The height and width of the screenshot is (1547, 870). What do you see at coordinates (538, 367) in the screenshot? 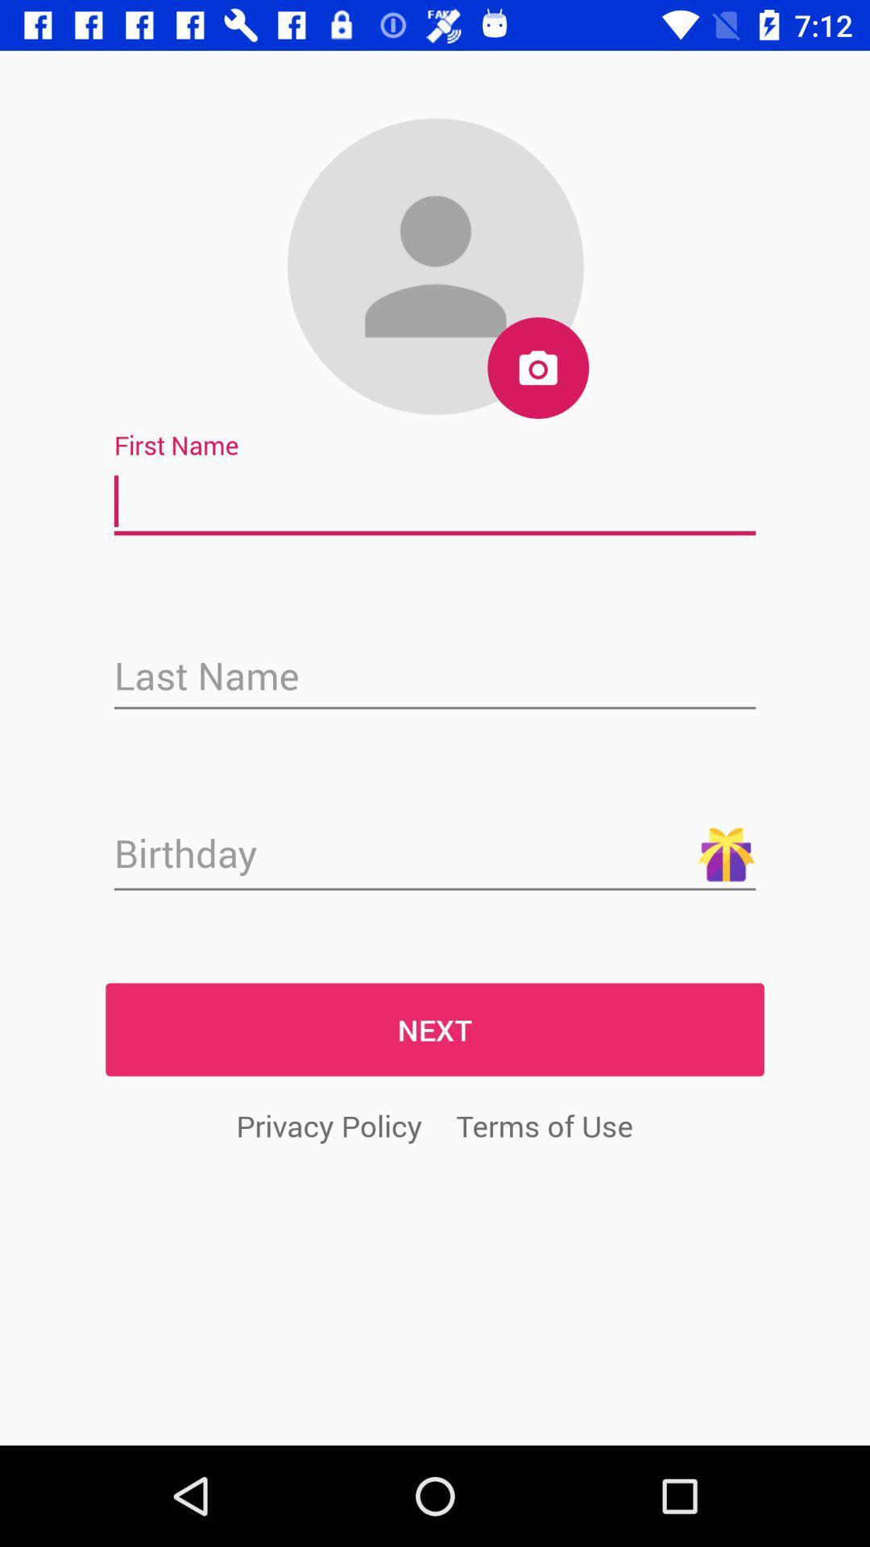
I see `the photo icon` at bounding box center [538, 367].